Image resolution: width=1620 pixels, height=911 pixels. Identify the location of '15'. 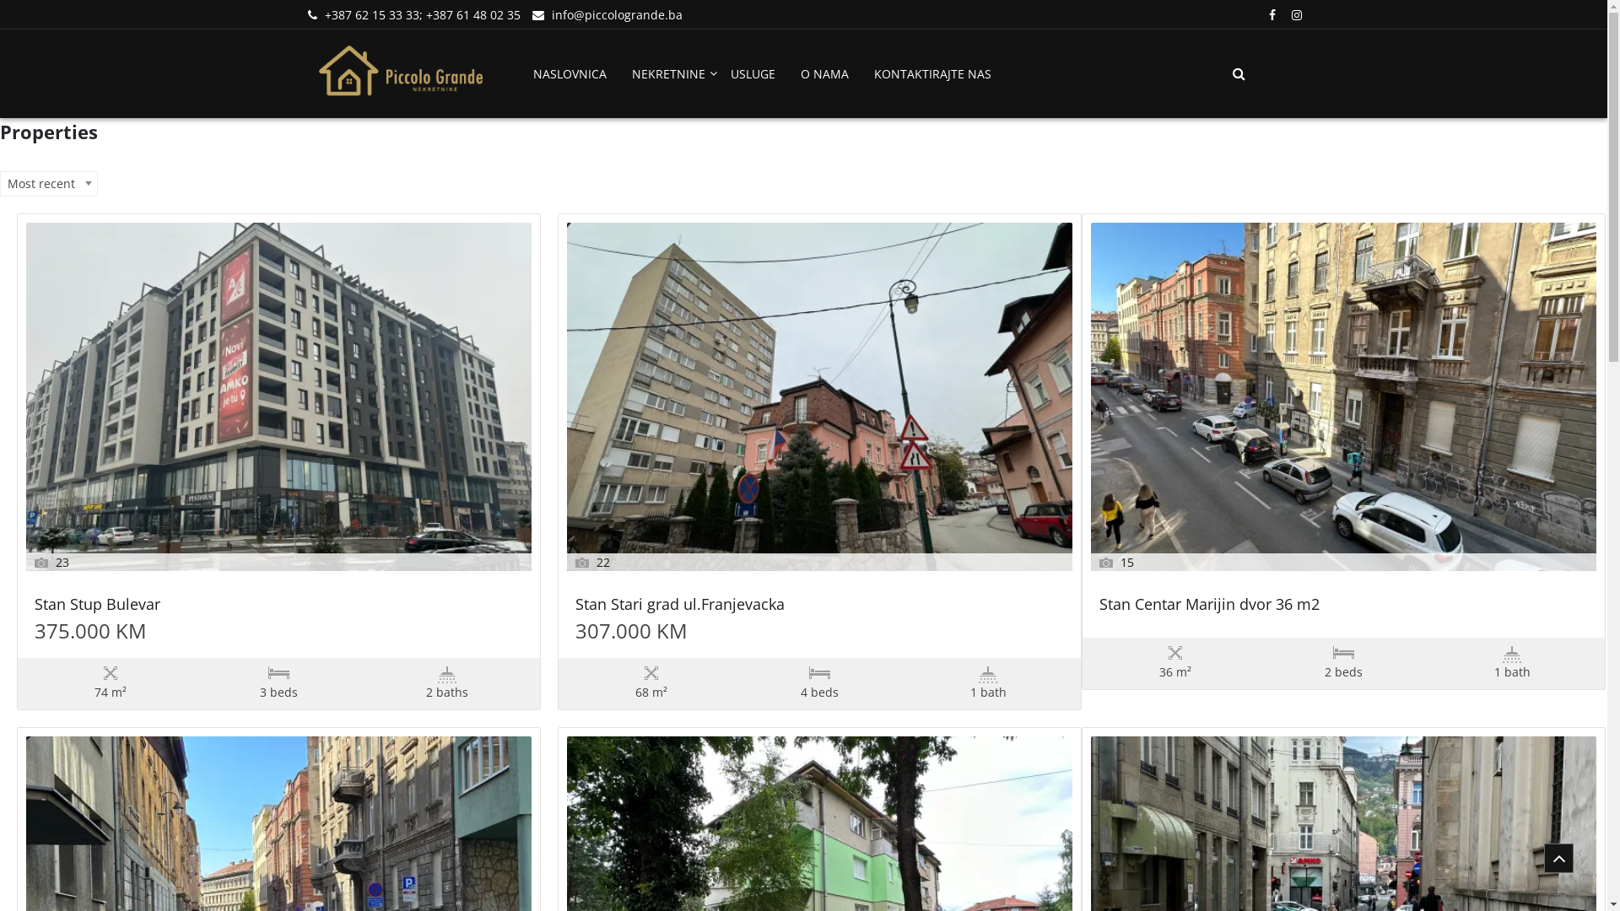
(1342, 396).